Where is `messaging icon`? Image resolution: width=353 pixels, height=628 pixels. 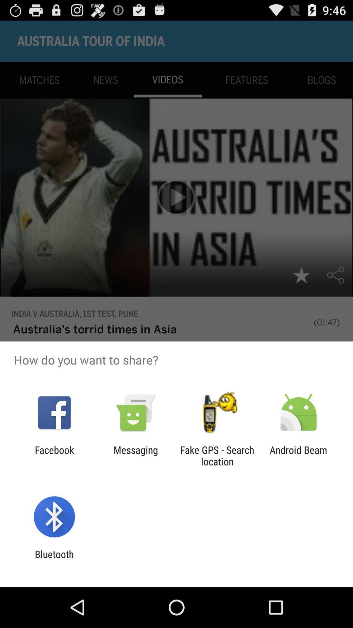
messaging icon is located at coordinates (135, 455).